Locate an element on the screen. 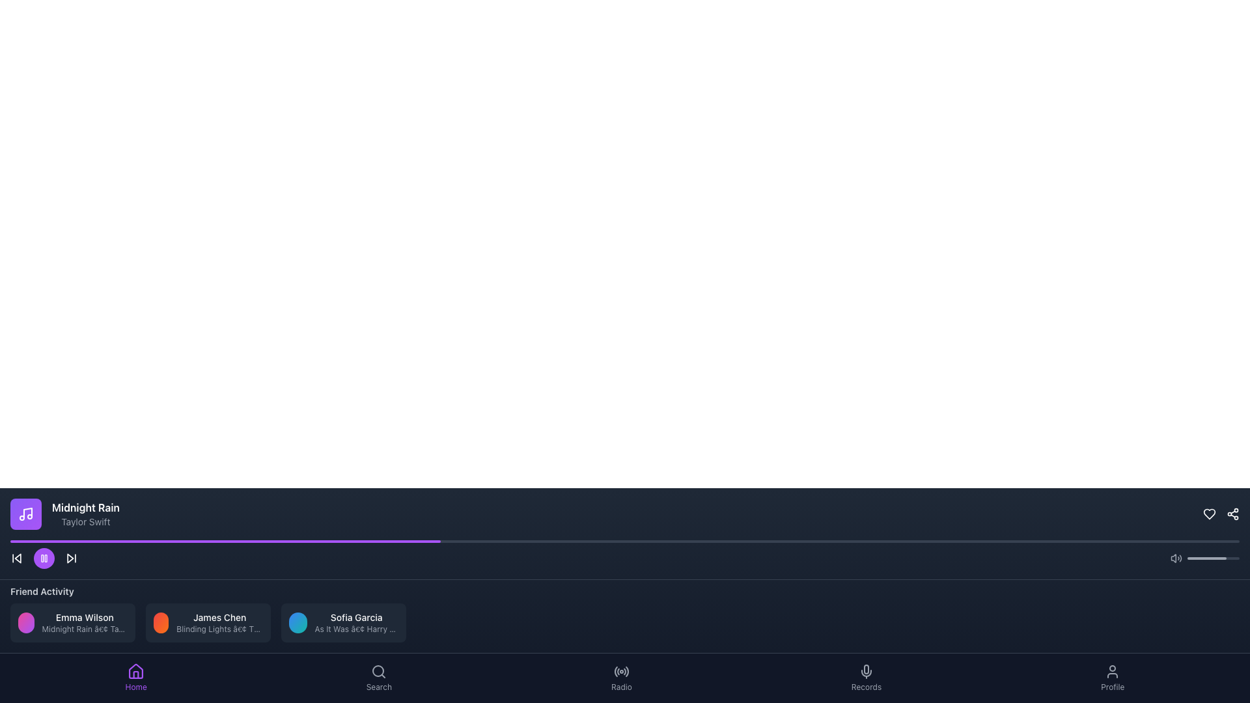 This screenshot has height=703, width=1250. the heart-shaped icon styled with a stroke-based outline located on the top-right side of the horizontal navigation bar to favorite the content is located at coordinates (1208, 514).